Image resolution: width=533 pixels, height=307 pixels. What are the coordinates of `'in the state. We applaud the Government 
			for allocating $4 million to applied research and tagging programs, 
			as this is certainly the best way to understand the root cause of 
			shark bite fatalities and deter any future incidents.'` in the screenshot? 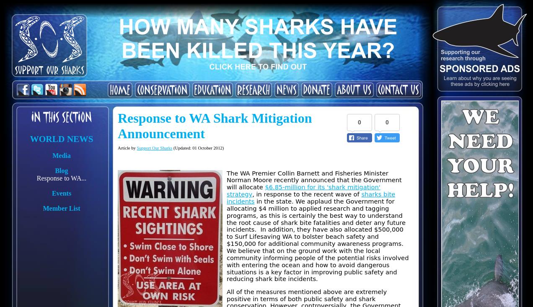 It's located at (316, 214).